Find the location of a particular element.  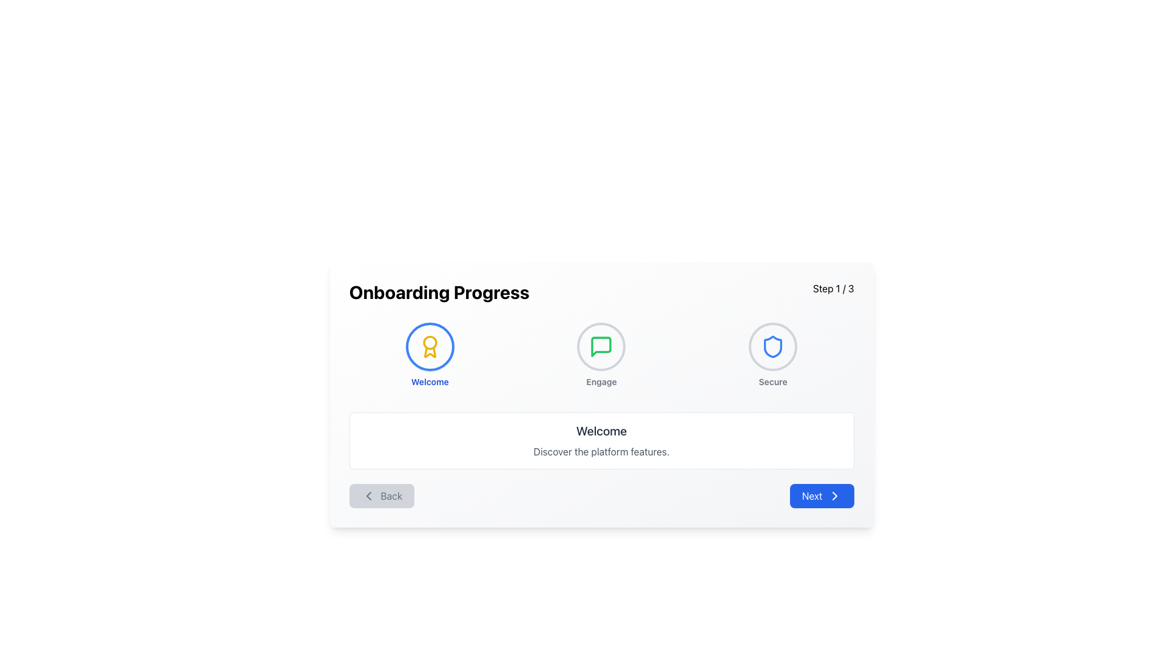

the 'Back' button which contains the chevron SVG icon, located at the bottom left of the interface to invoke the associated action is located at coordinates (368, 495).